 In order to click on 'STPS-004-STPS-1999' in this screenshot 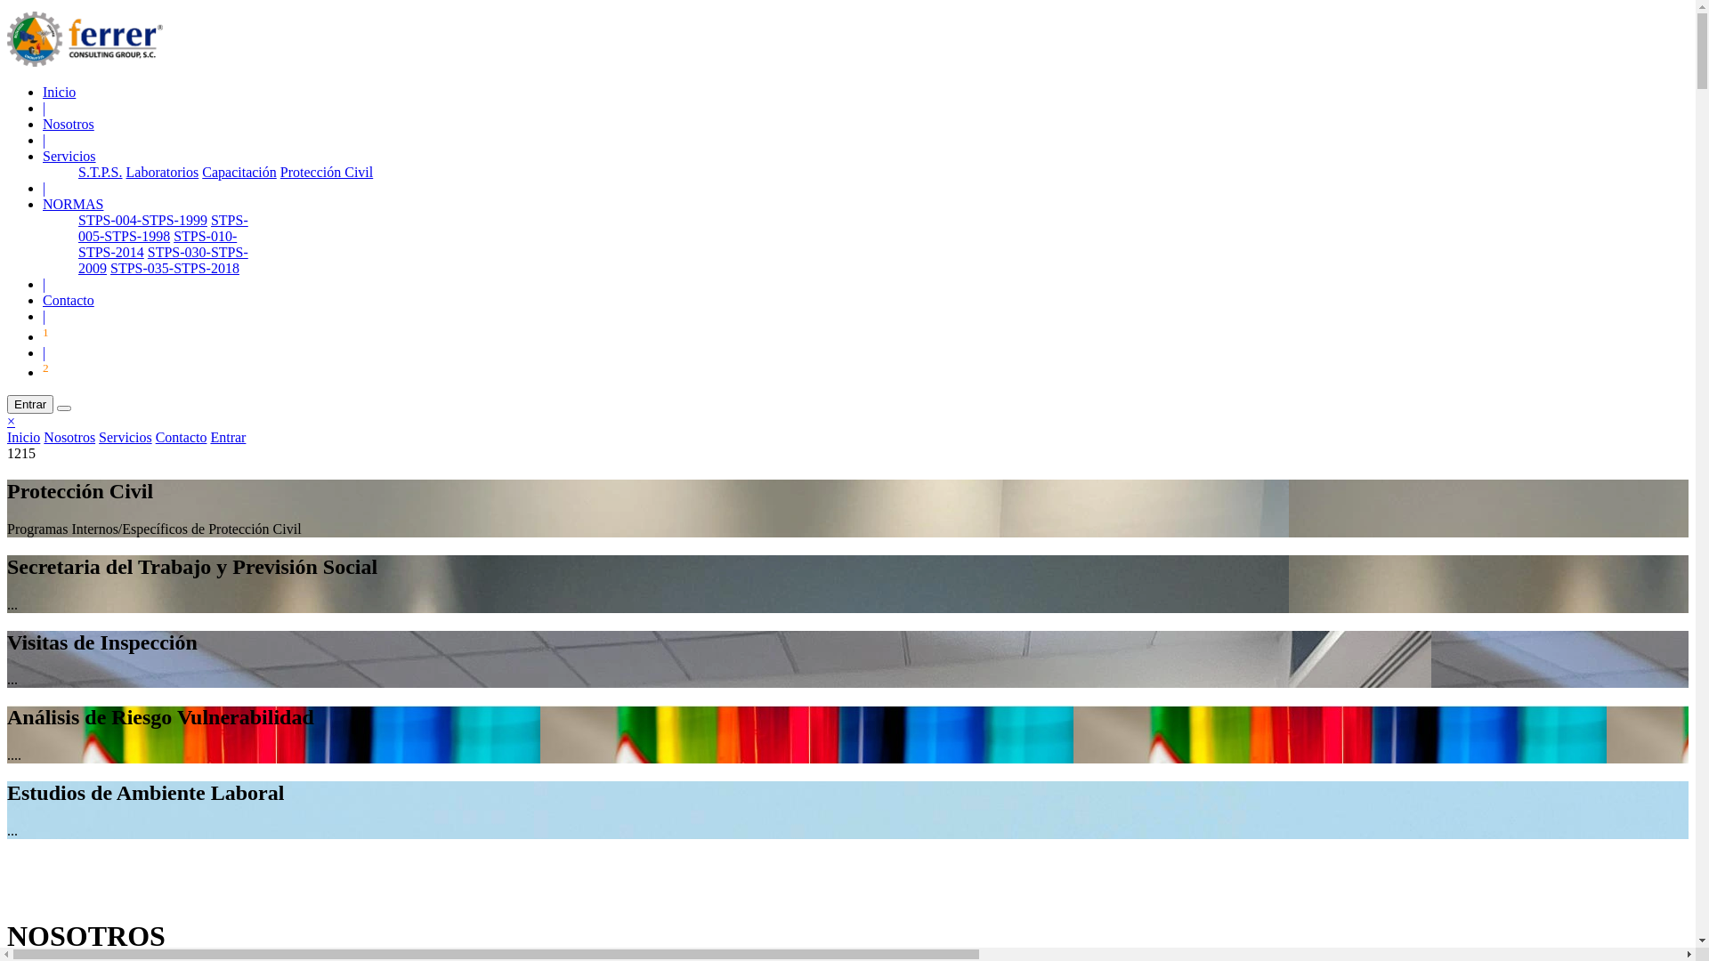, I will do `click(77, 219)`.